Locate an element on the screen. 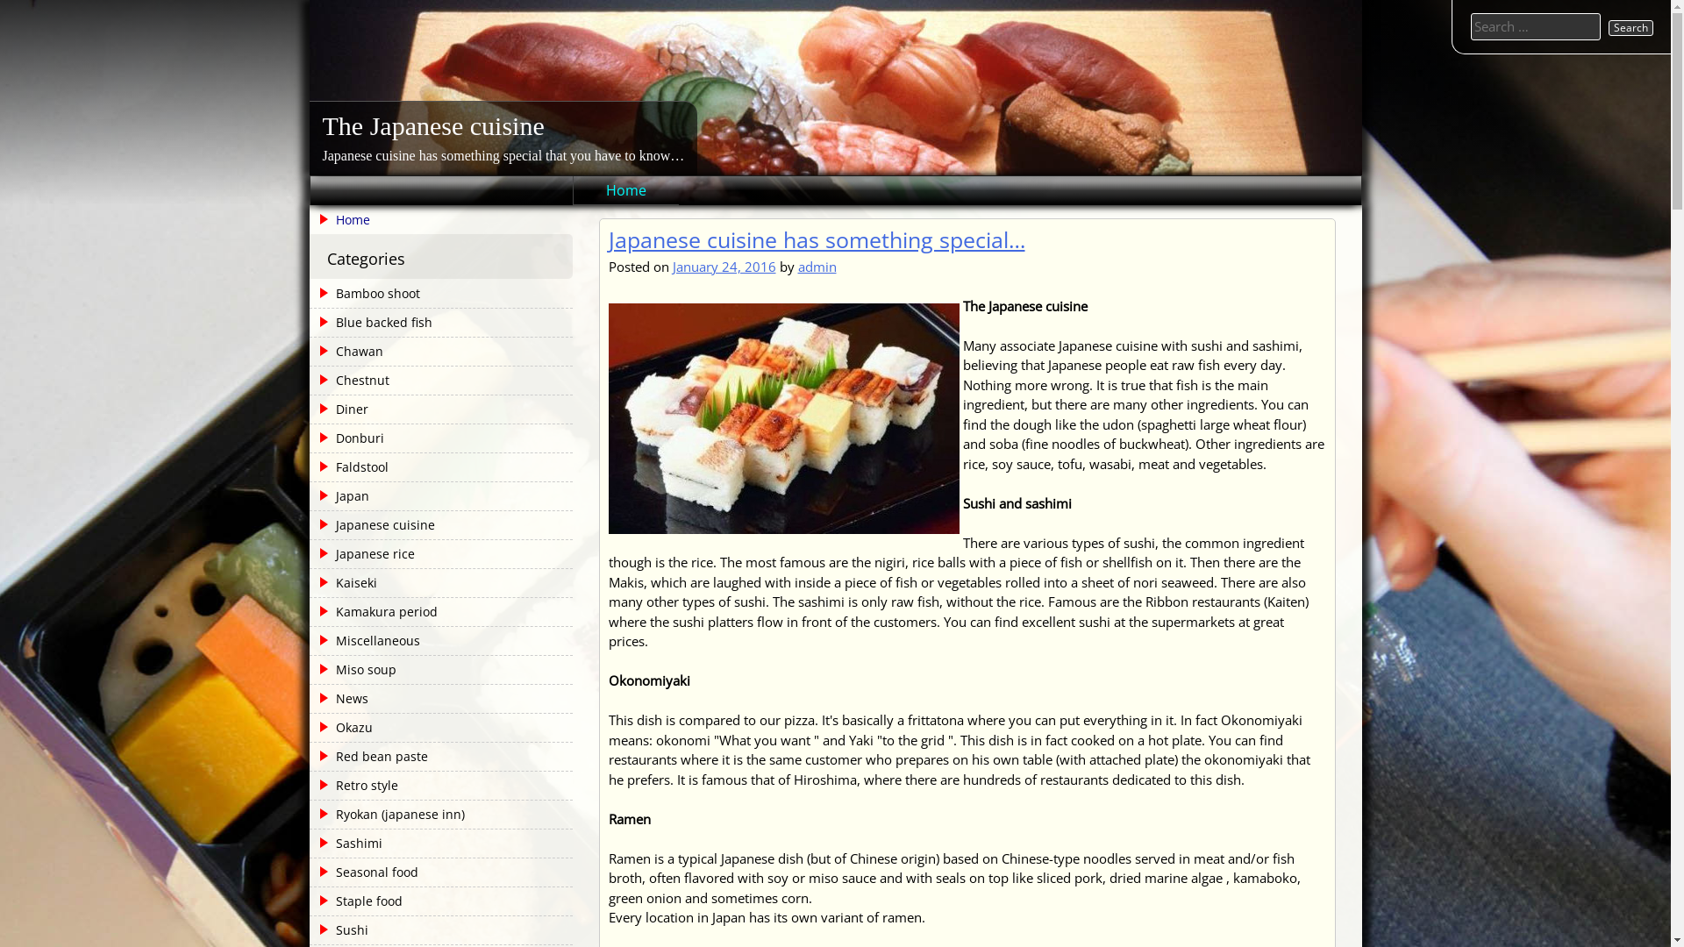  'Japan' is located at coordinates (340, 496).